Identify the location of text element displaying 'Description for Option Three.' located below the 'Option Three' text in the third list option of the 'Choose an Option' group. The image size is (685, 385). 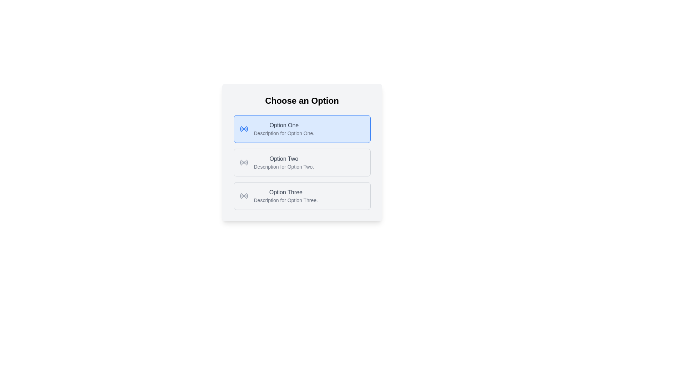
(286, 200).